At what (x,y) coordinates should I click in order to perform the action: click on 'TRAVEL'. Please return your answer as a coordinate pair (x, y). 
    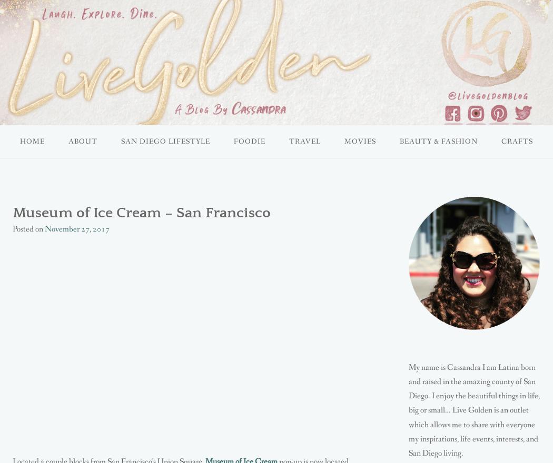
    Looking at the image, I should click on (304, 142).